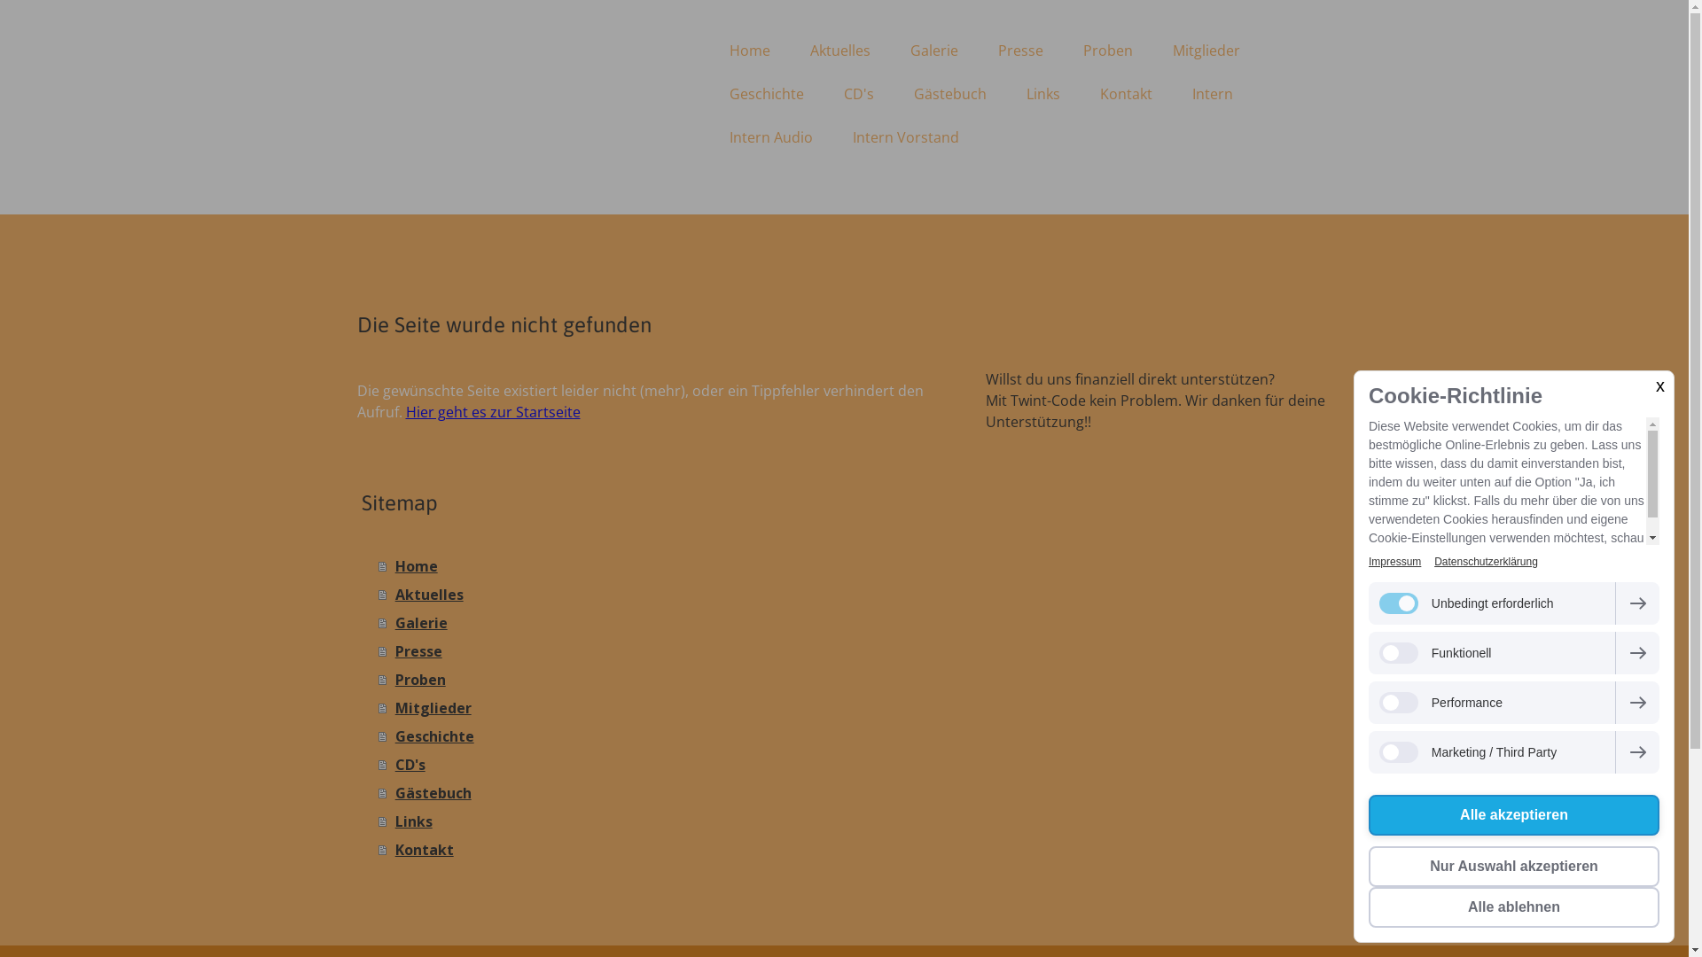  Describe the element at coordinates (663, 849) in the screenshot. I see `'Kontakt'` at that location.